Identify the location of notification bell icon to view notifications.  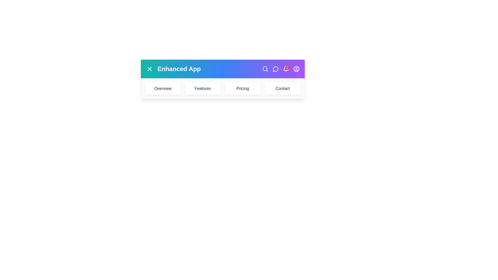
(286, 69).